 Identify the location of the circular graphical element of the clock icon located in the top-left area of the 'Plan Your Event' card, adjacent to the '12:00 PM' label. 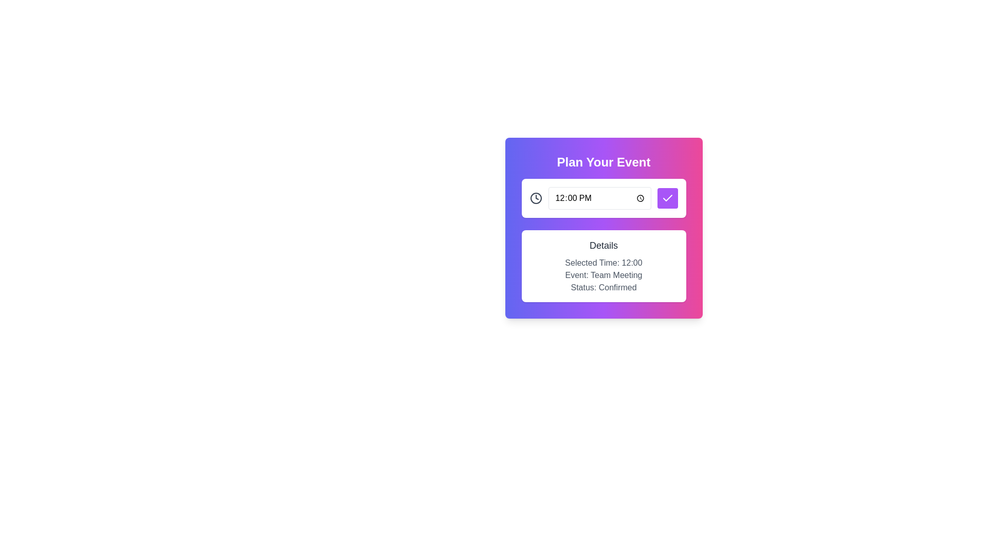
(535, 198).